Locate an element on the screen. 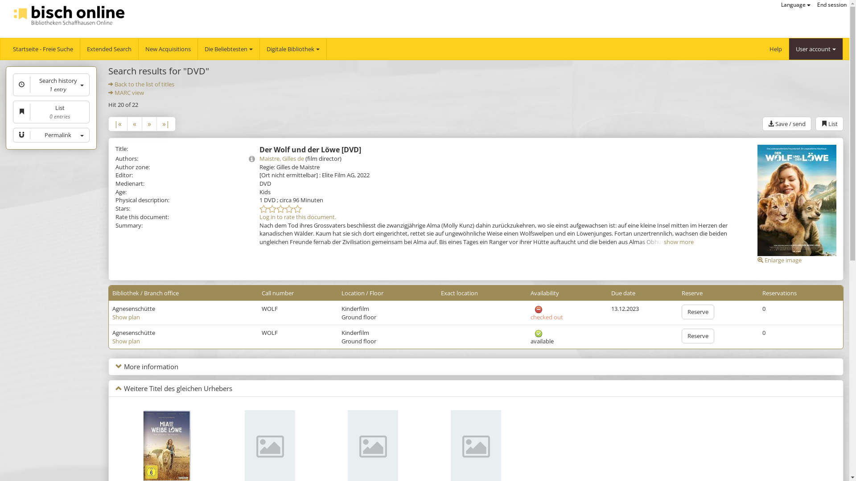 This screenshot has width=856, height=481. 'Enlarge image' is located at coordinates (779, 260).